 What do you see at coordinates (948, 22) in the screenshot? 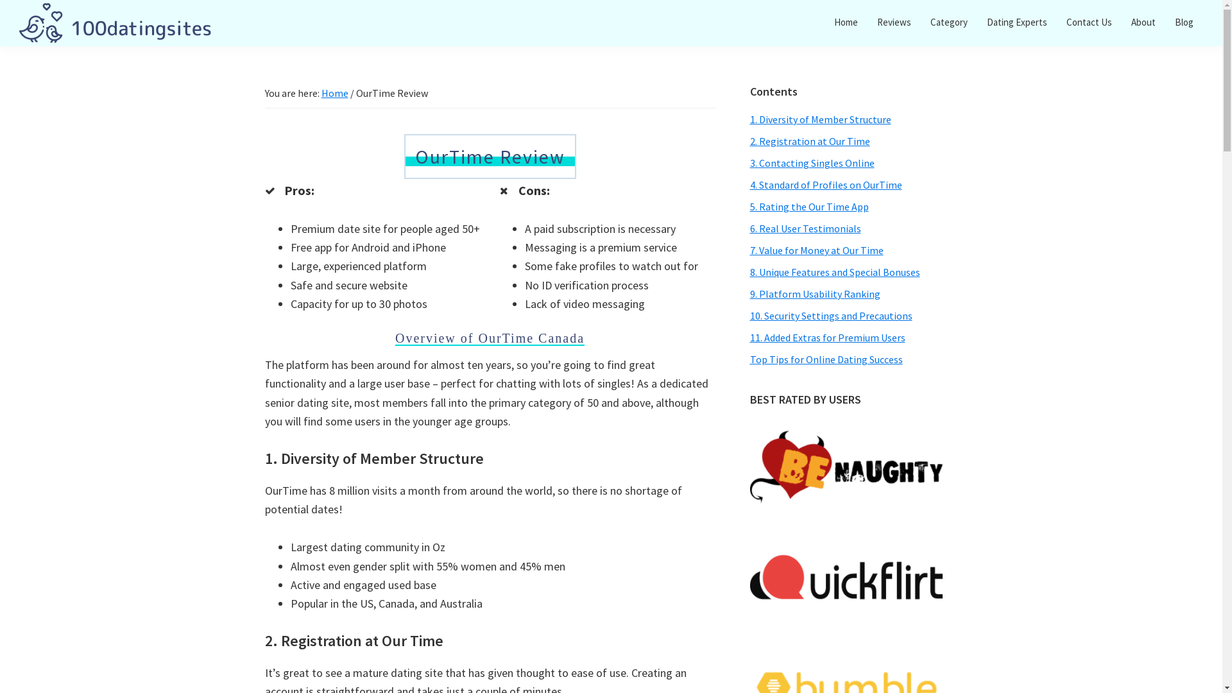
I see `'Category'` at bounding box center [948, 22].